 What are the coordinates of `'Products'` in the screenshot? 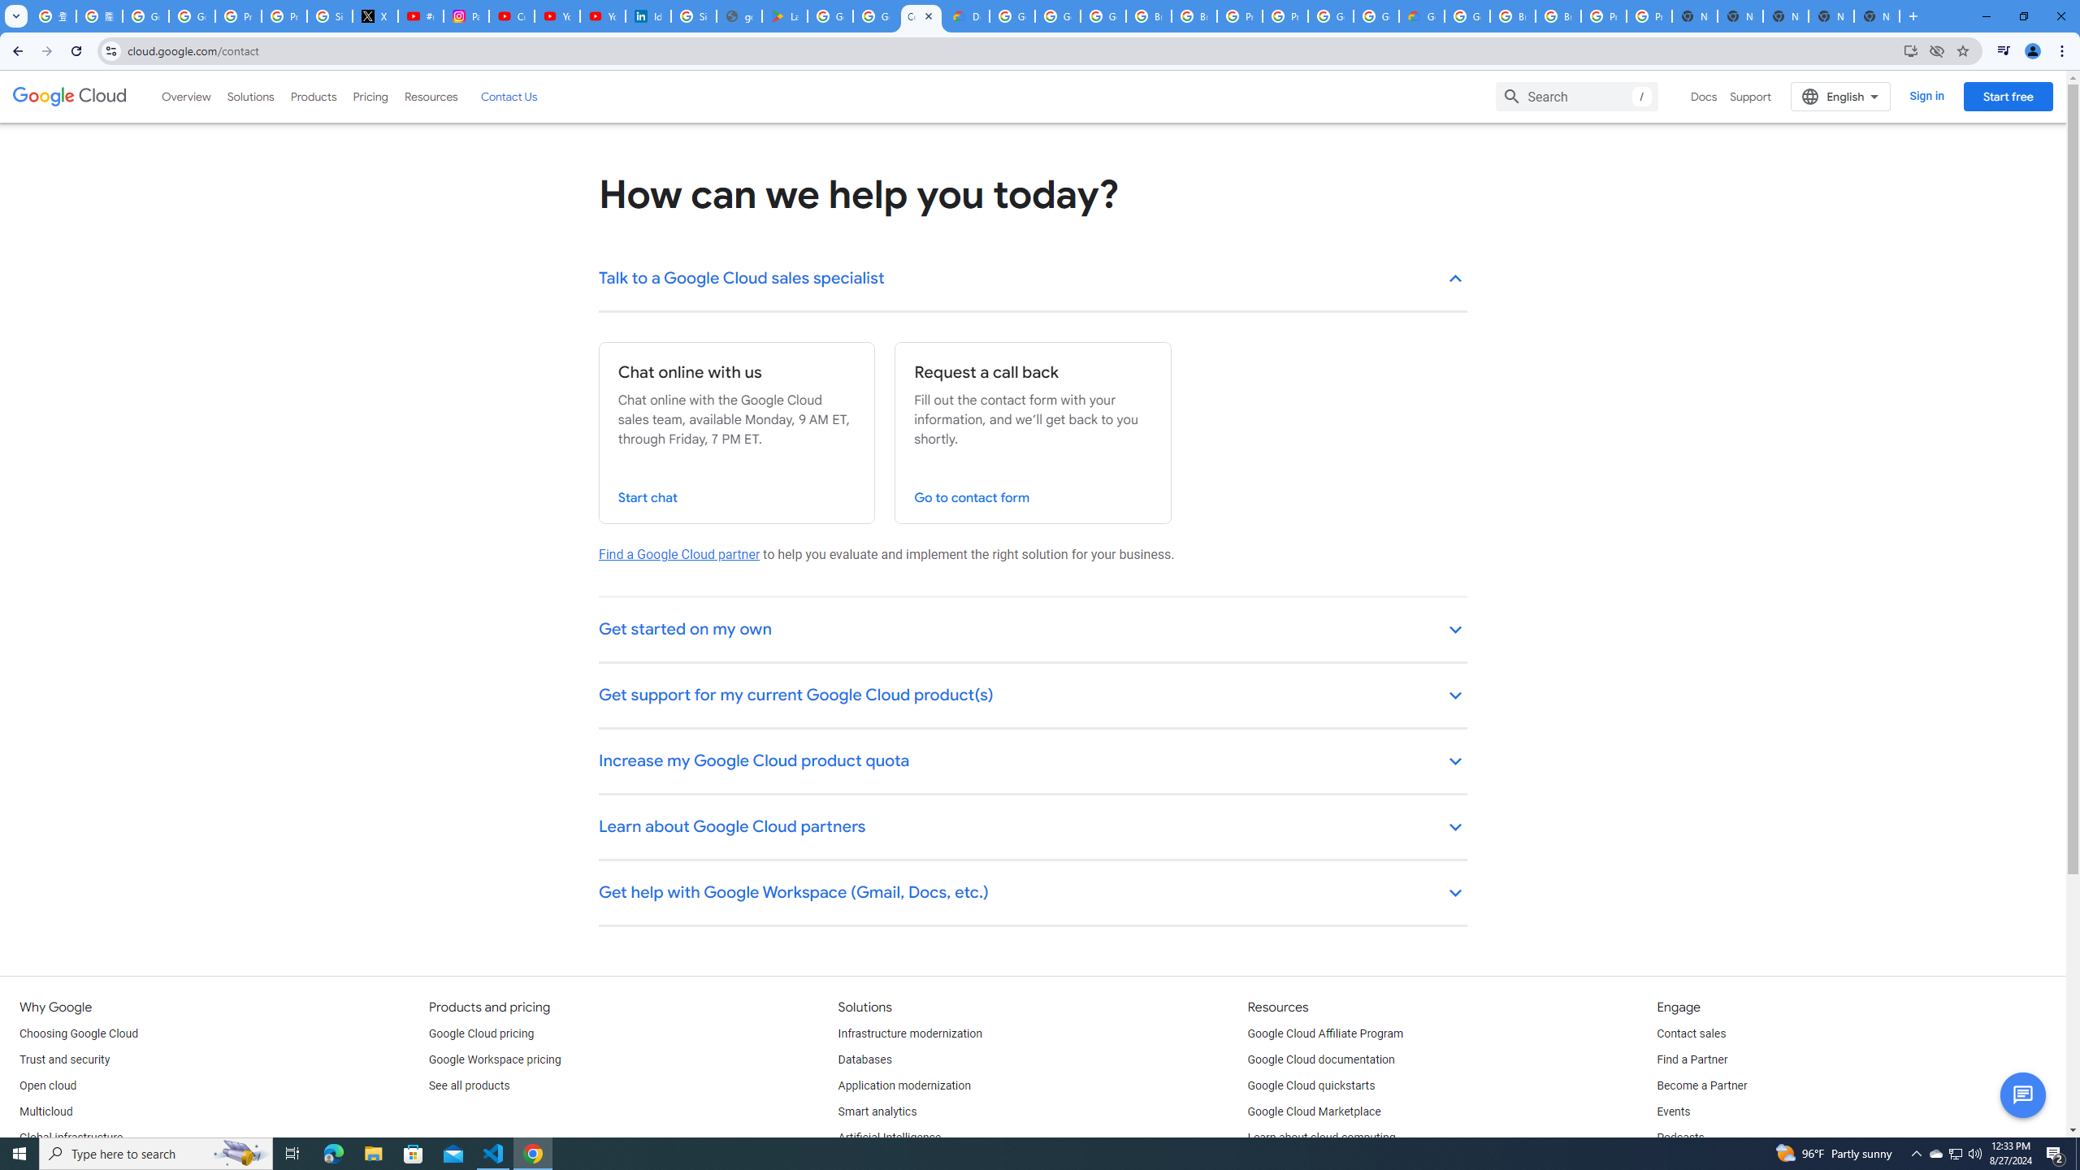 It's located at (312, 96).